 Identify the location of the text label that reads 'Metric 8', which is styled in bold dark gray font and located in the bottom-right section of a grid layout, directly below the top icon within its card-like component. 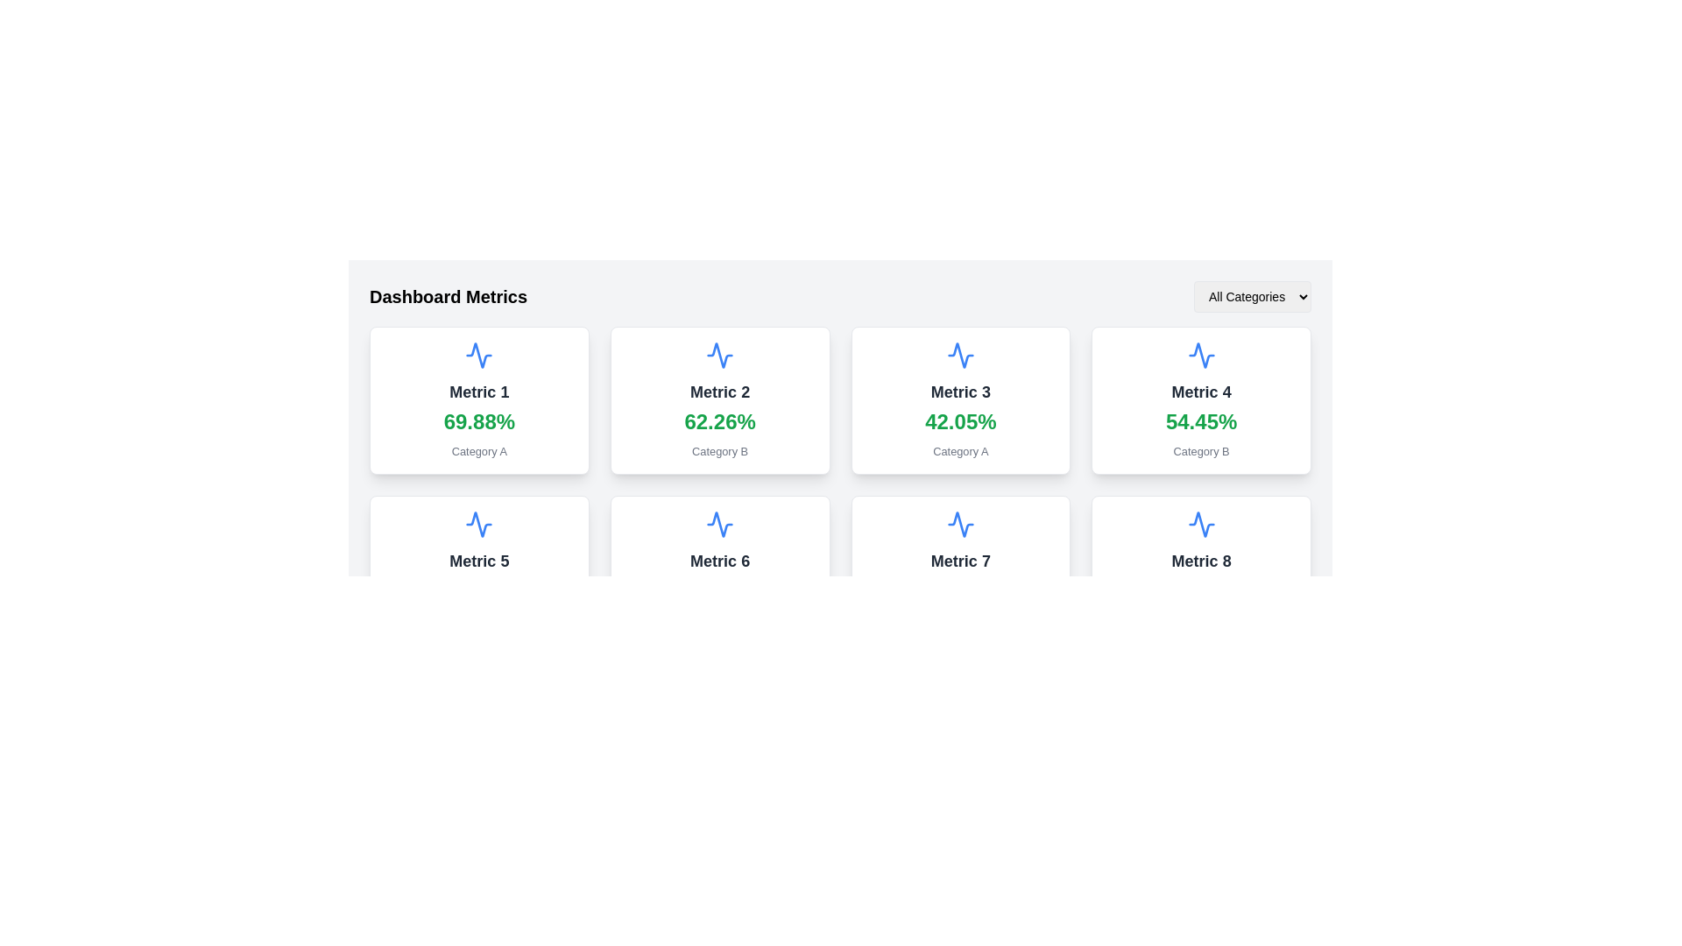
(1200, 561).